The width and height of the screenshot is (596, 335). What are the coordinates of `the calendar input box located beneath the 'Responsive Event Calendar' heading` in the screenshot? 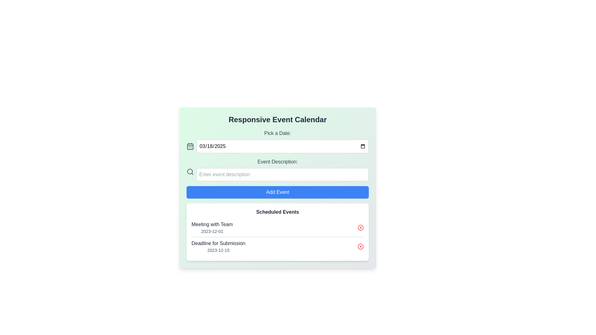 It's located at (277, 141).